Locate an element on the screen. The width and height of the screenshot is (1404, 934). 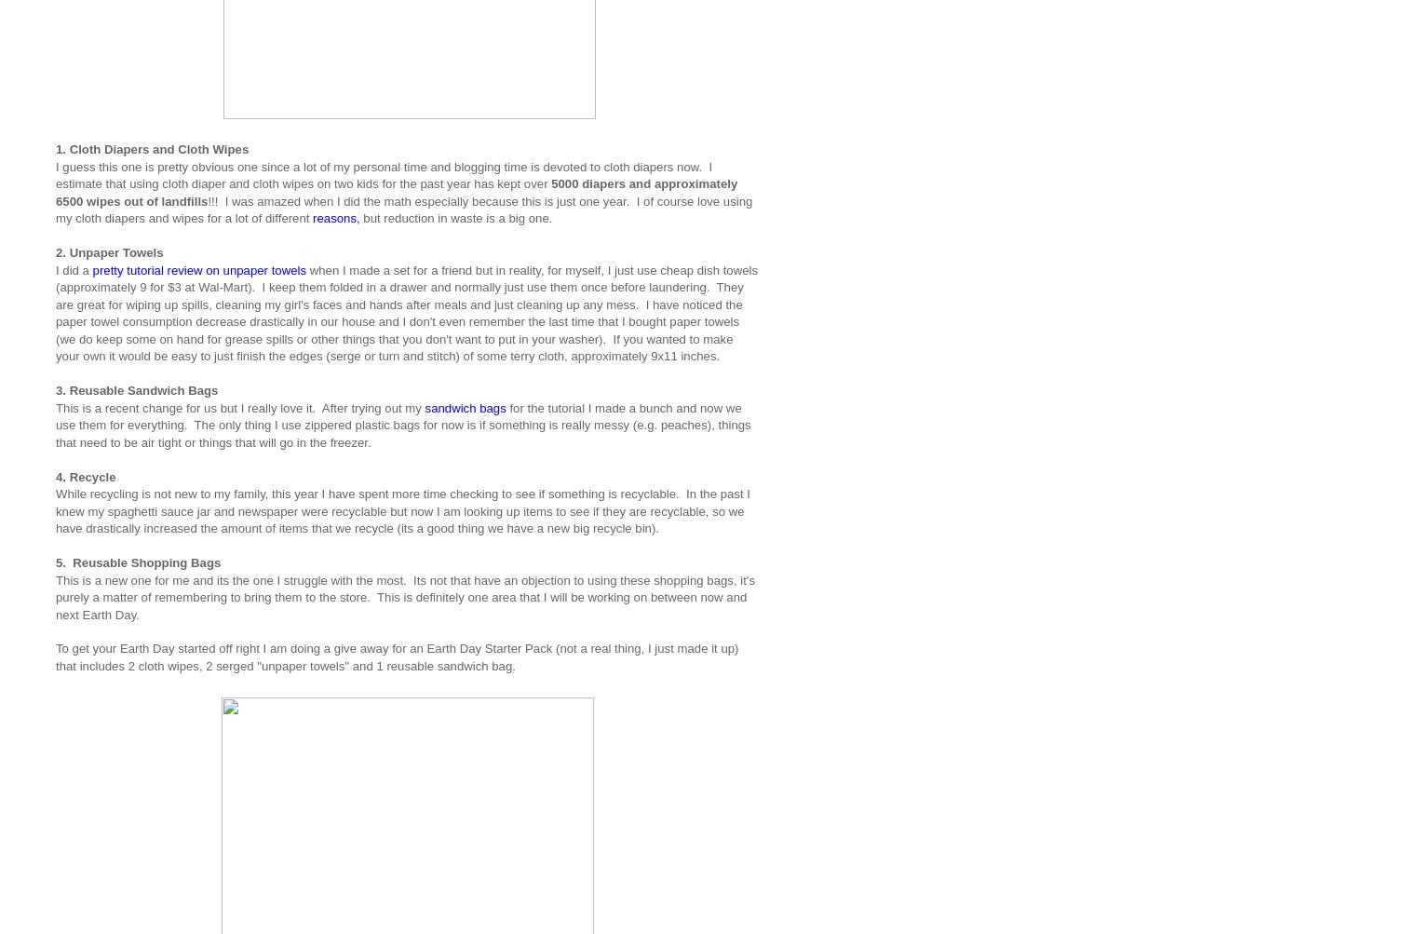
'for the tutorial I made a bunch and now we use them for everything.  The only thing I use zippered plastic bags for now is if something is really messy (e.g. peaches), things that need to be air tight or things that will go in the freezer.' is located at coordinates (402, 424).